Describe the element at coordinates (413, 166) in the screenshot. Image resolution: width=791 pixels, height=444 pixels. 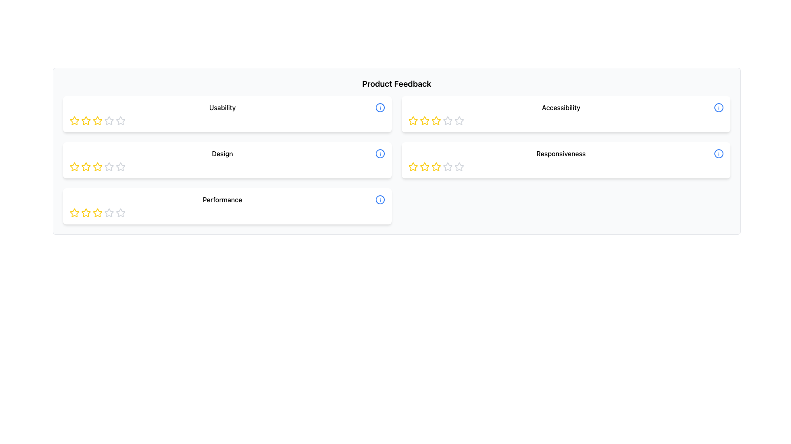
I see `the first star icon in the Responsiveness rating system` at that location.